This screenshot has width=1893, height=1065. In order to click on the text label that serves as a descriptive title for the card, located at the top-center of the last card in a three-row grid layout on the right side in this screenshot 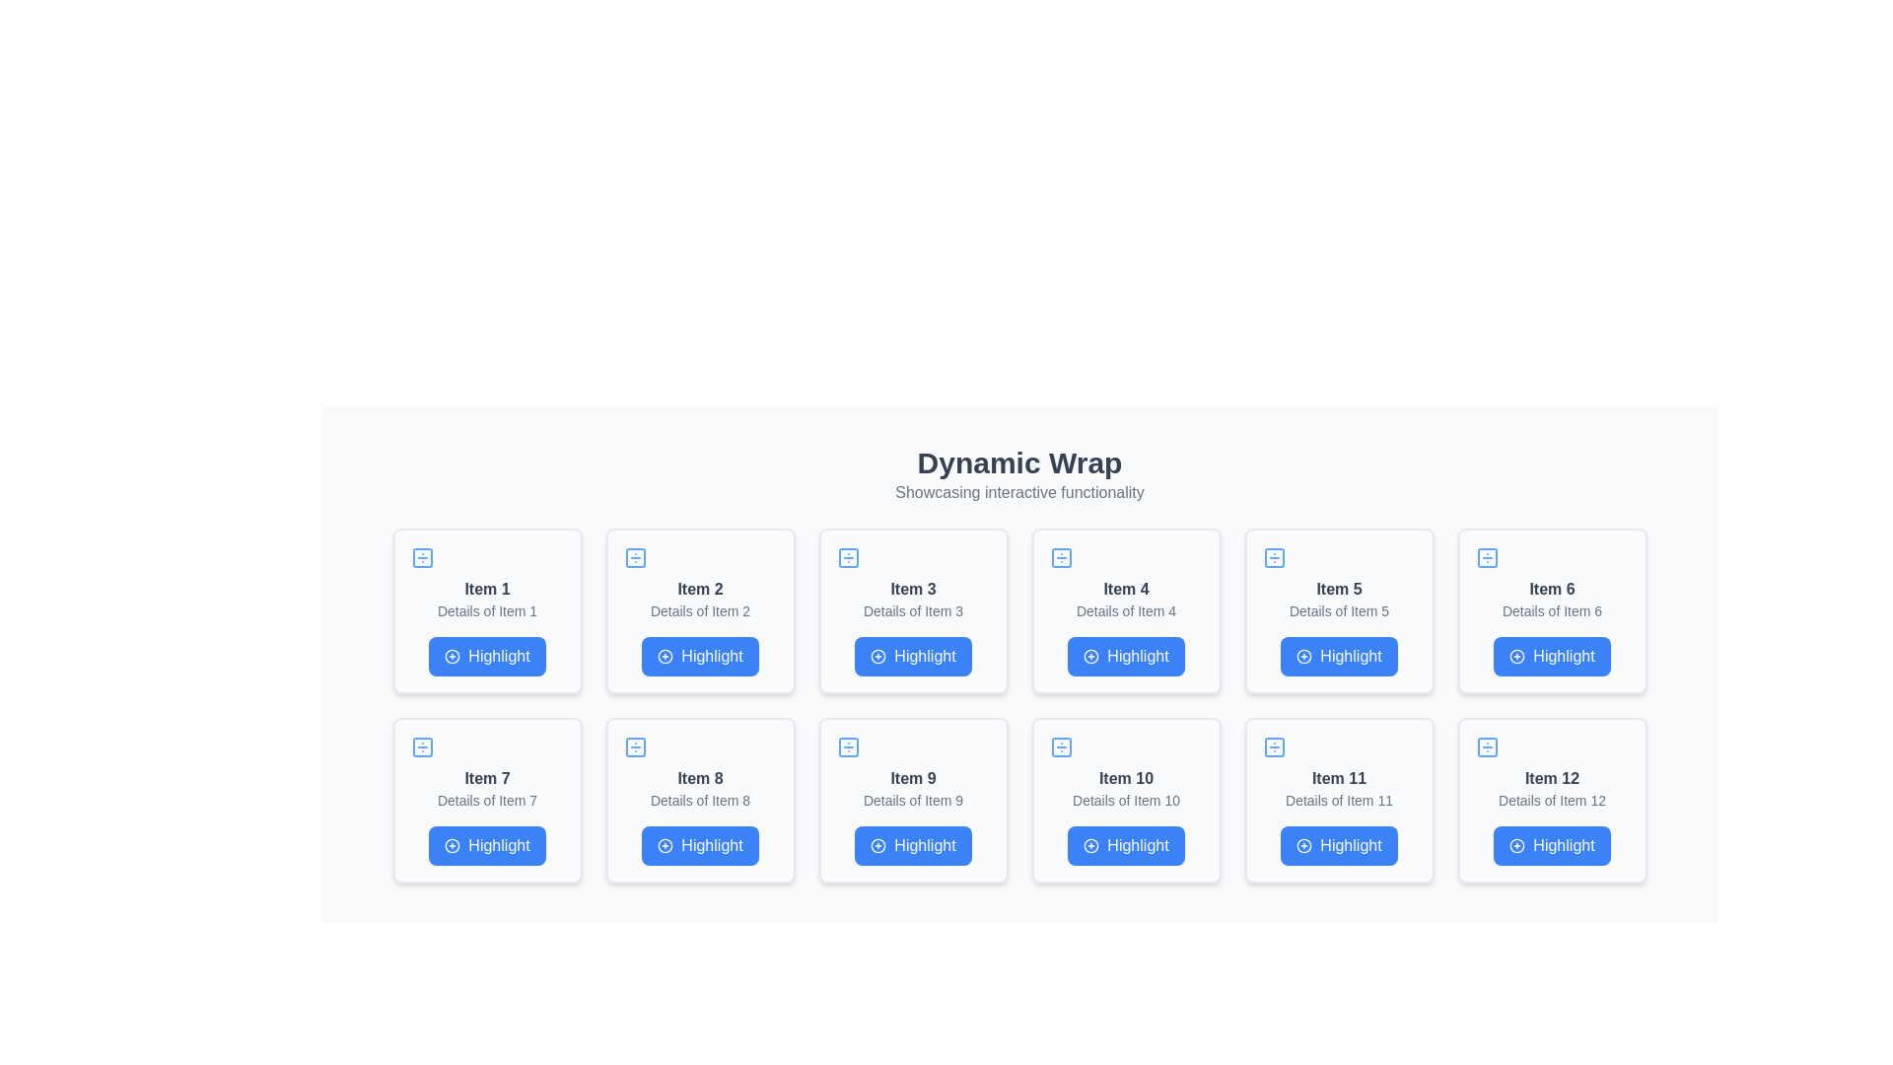, I will do `click(1551, 778)`.